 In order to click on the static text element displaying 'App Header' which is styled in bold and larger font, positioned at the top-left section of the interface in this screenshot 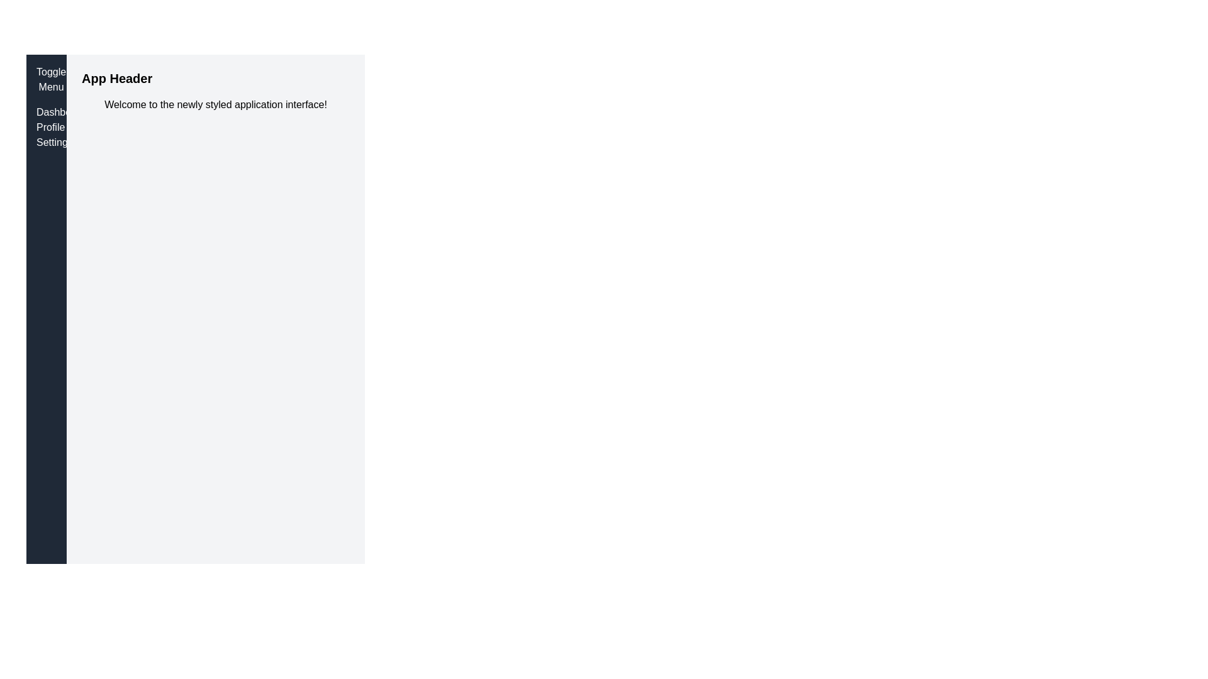, I will do `click(117, 78)`.